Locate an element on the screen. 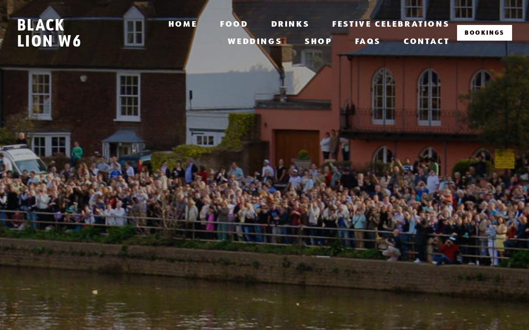 This screenshot has height=330, width=529. 'Food' is located at coordinates (234, 24).